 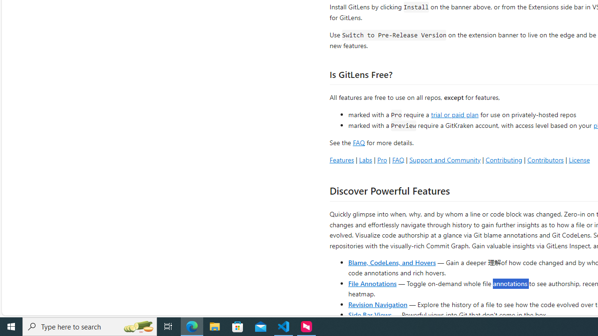 I want to click on 'Blame, CodeLens, and Hovers', so click(x=392, y=262).